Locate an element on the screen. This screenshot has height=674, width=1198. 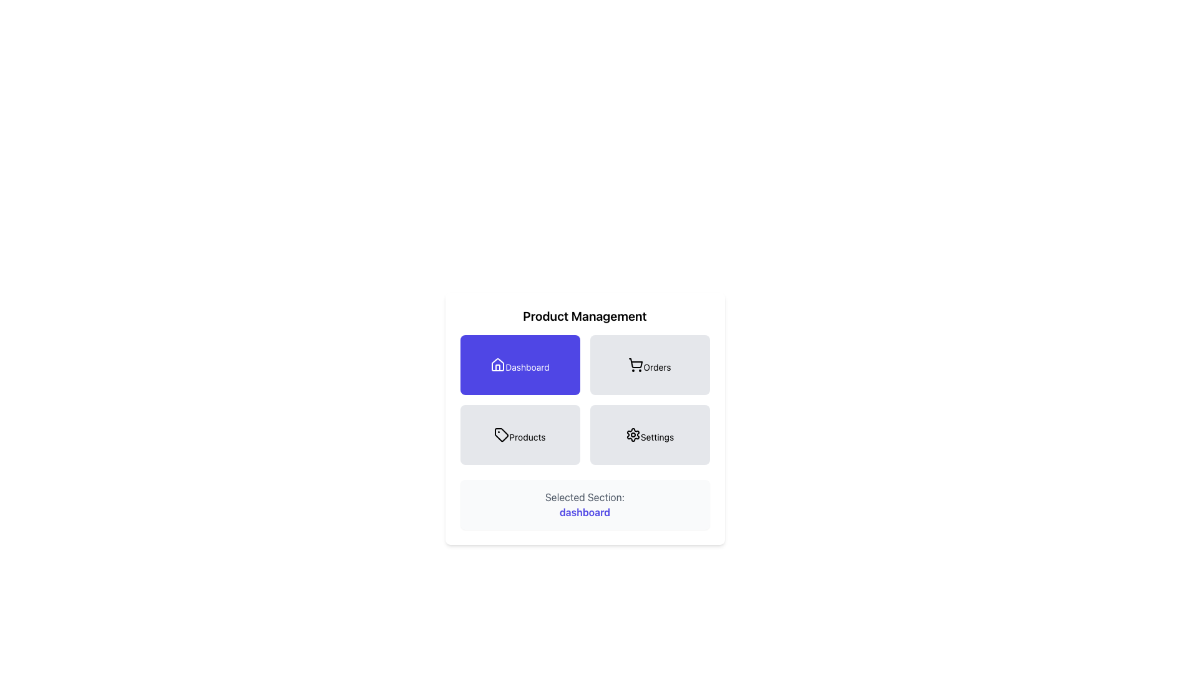
the 'Orders' button located in the upper-right quadrant of the interface, which highlights the corresponding section upon interaction is located at coordinates (649, 365).